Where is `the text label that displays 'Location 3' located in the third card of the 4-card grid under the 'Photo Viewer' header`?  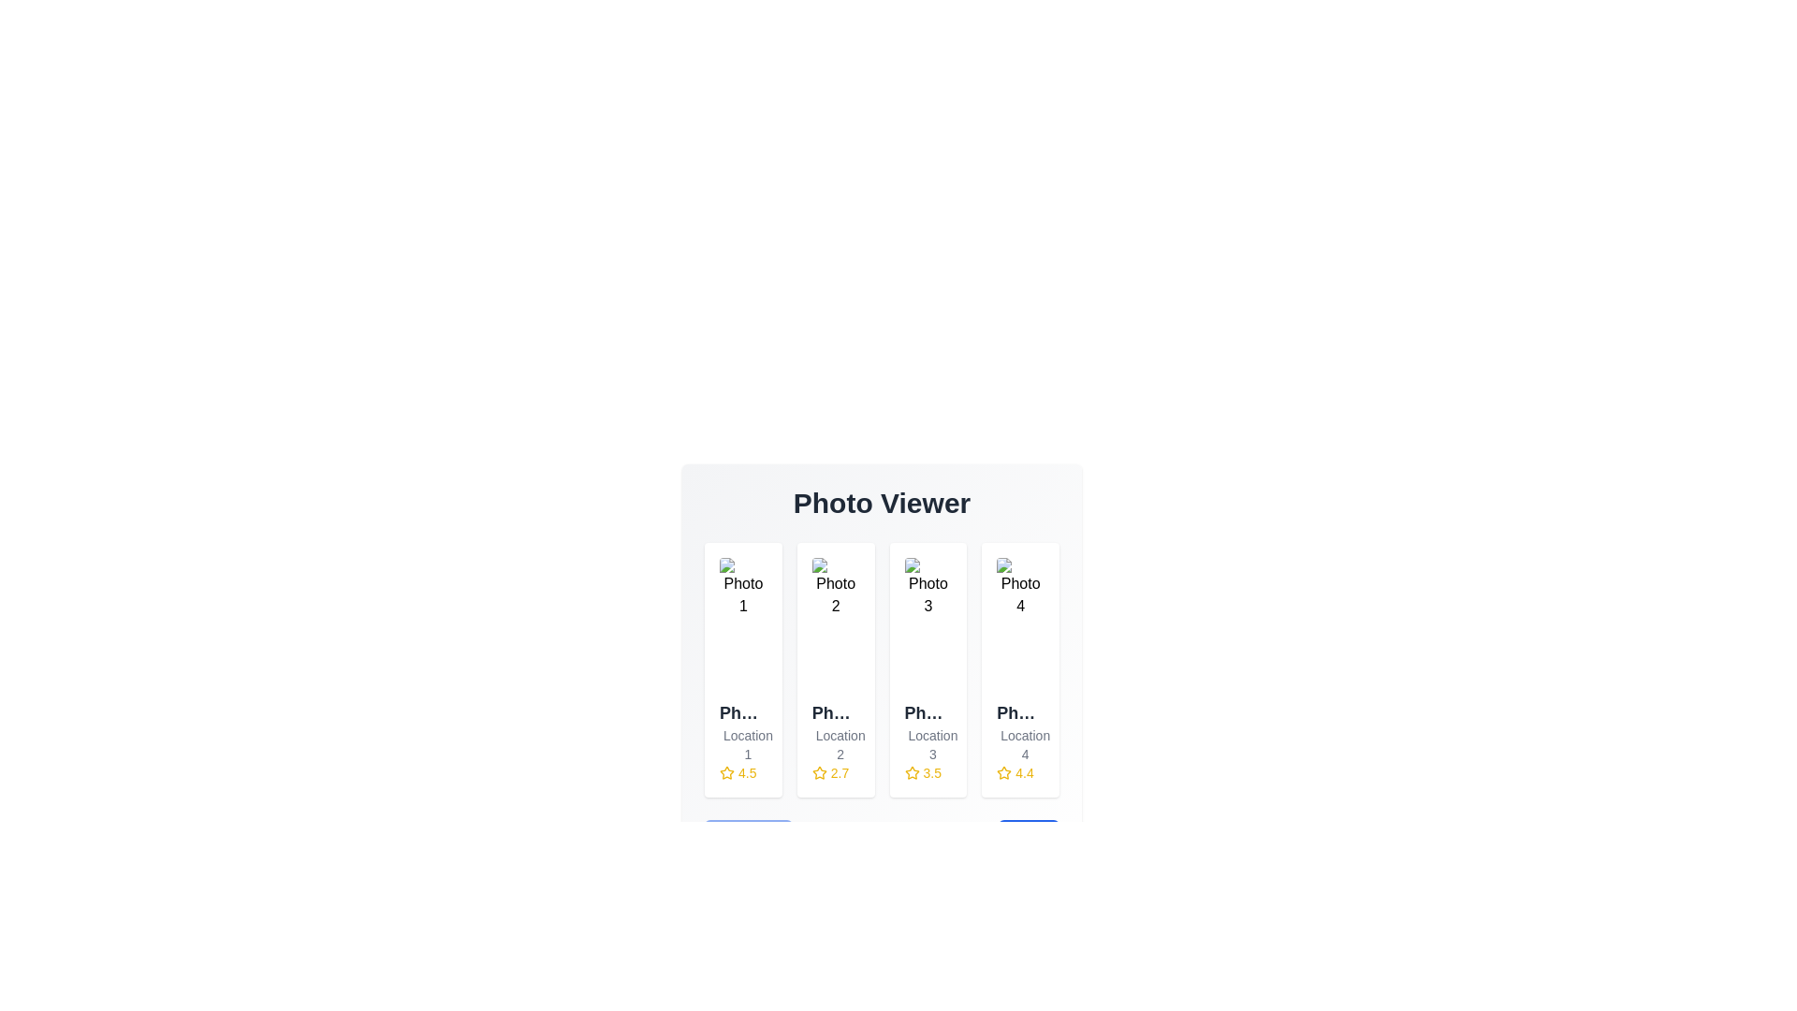 the text label that displays 'Location 3' located in the third card of the 4-card grid under the 'Photo Viewer' header is located at coordinates (928, 743).